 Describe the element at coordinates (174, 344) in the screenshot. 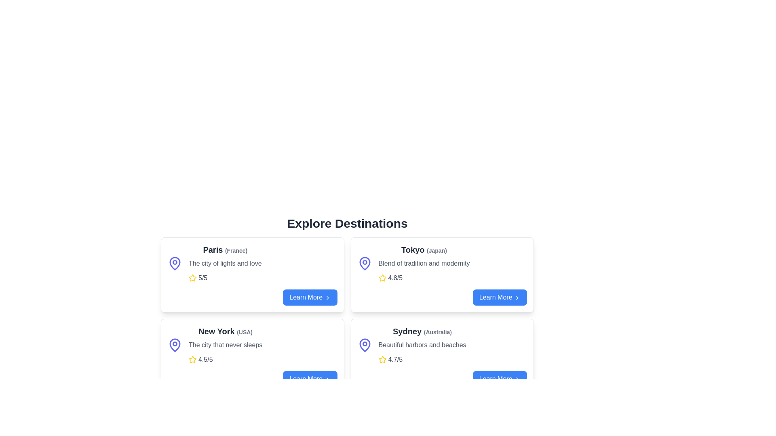

I see `the circular marker that serves as a visual indicator in the map pin icon for 'New York (USA)' located in the upper left corner of the card interface` at that location.